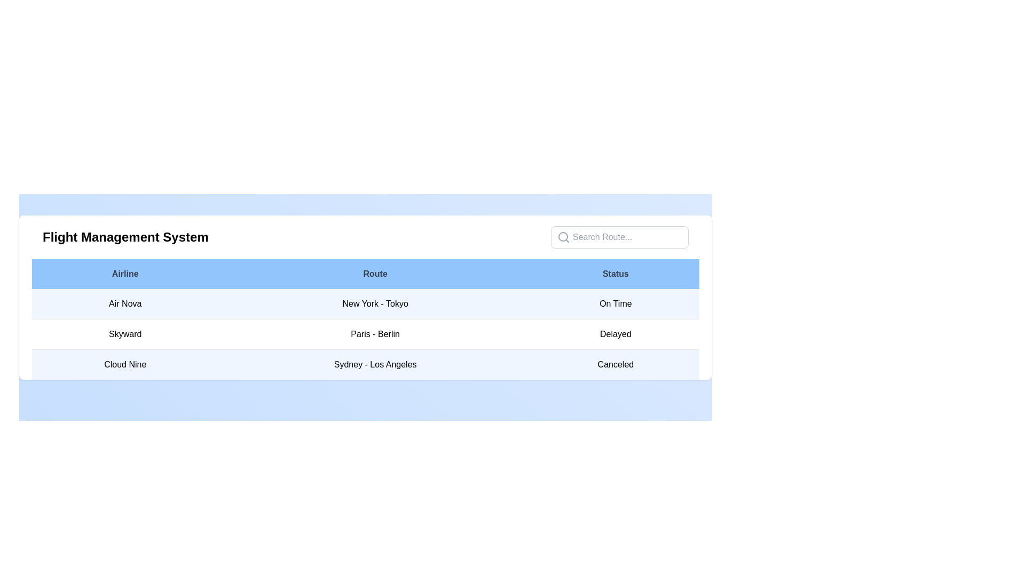 The width and height of the screenshot is (1025, 576). Describe the element at coordinates (616, 304) in the screenshot. I see `status text from the 'On Time' label located in the rightmost cell of the first row of the flight status table for 'Air Nova' and route 'New York - Tokyo'` at that location.